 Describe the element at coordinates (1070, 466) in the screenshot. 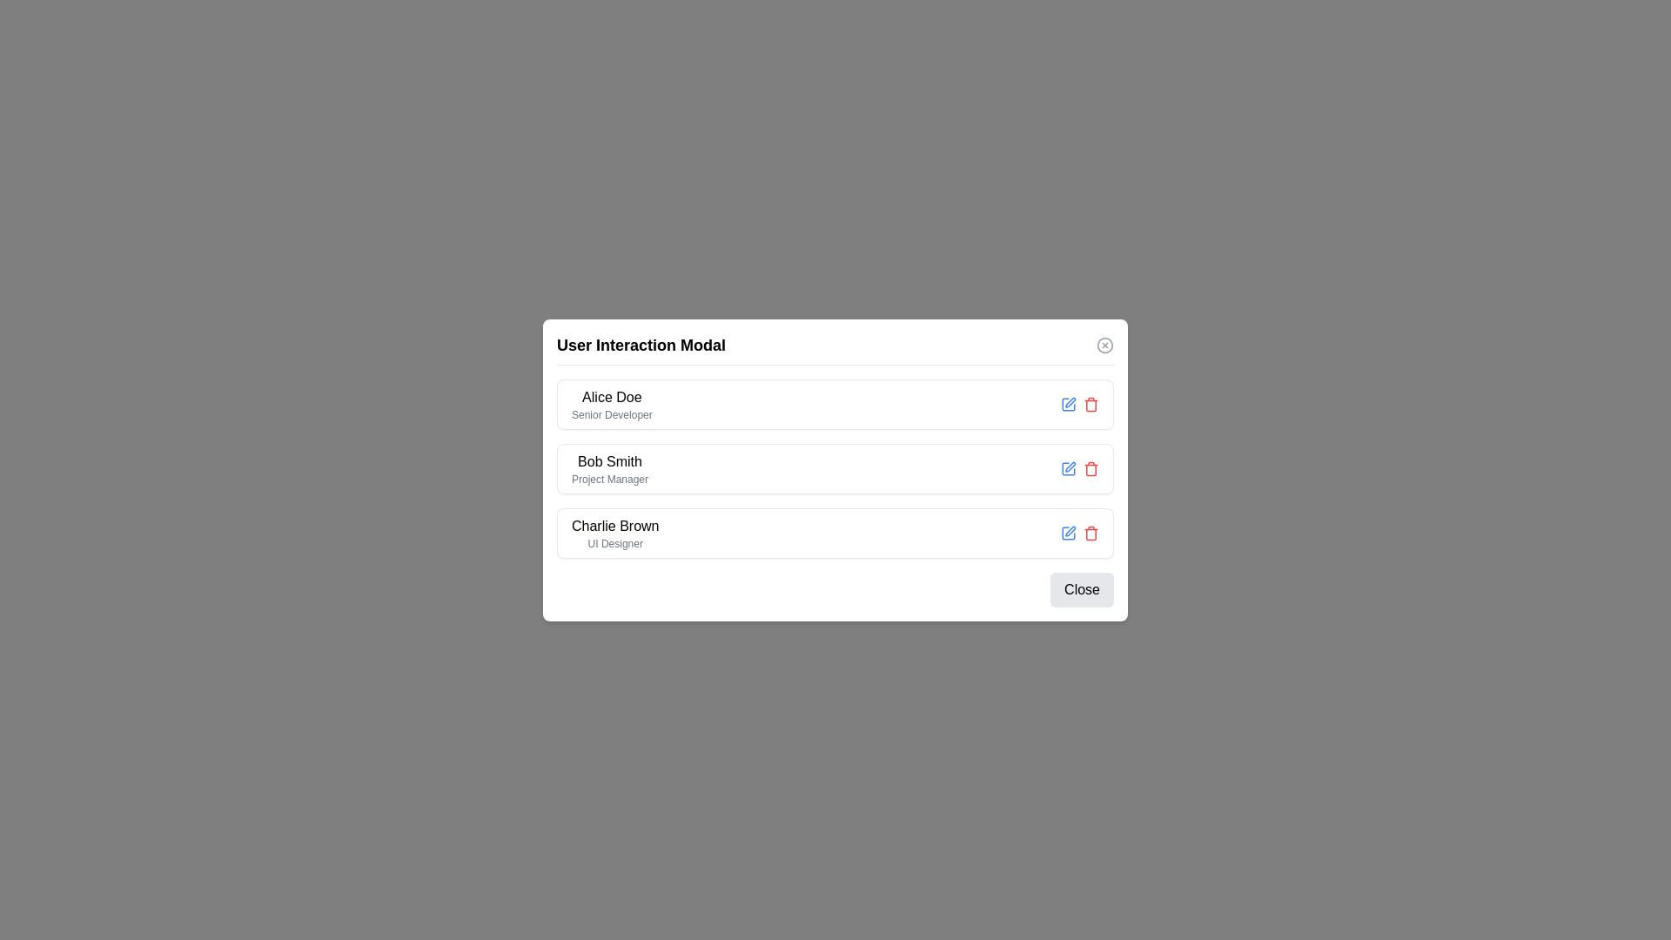

I see `the pen-shaped icon representing an editable action within the 'Bob Smith' (Project Manager) box` at that location.